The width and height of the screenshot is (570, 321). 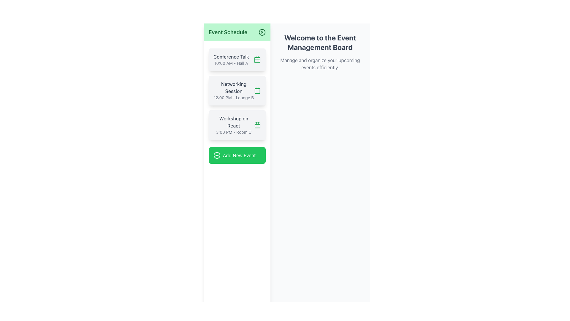 I want to click on the outer circular component of the 'Add New Event' button located at the bottom of the left-hand vertical panel, so click(x=216, y=155).